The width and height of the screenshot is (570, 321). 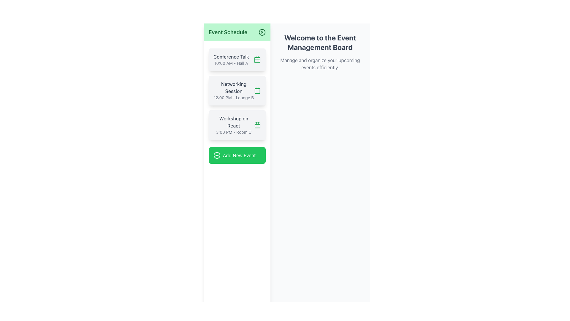 I want to click on the outer circular component of the 'Add New Event' button located at the bottom of the left-hand vertical panel, so click(x=216, y=155).